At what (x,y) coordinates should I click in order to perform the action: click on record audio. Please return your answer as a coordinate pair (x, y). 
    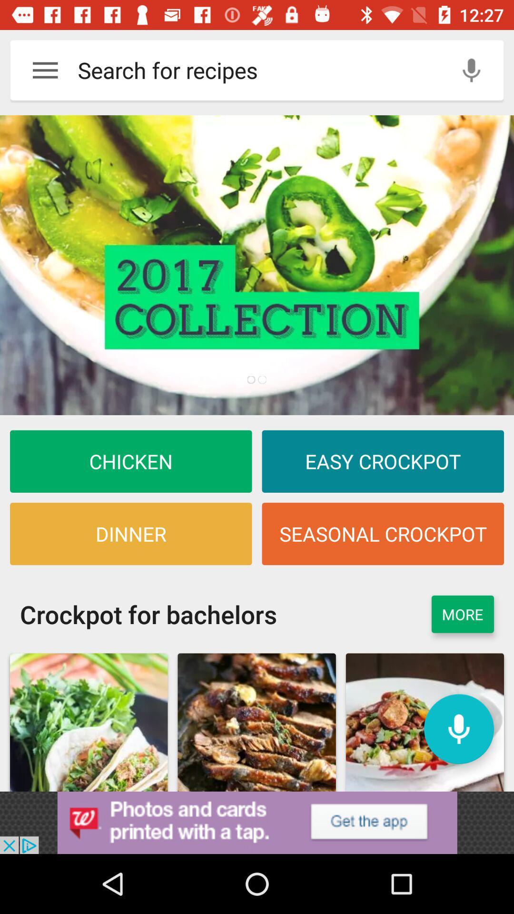
    Looking at the image, I should click on (471, 70).